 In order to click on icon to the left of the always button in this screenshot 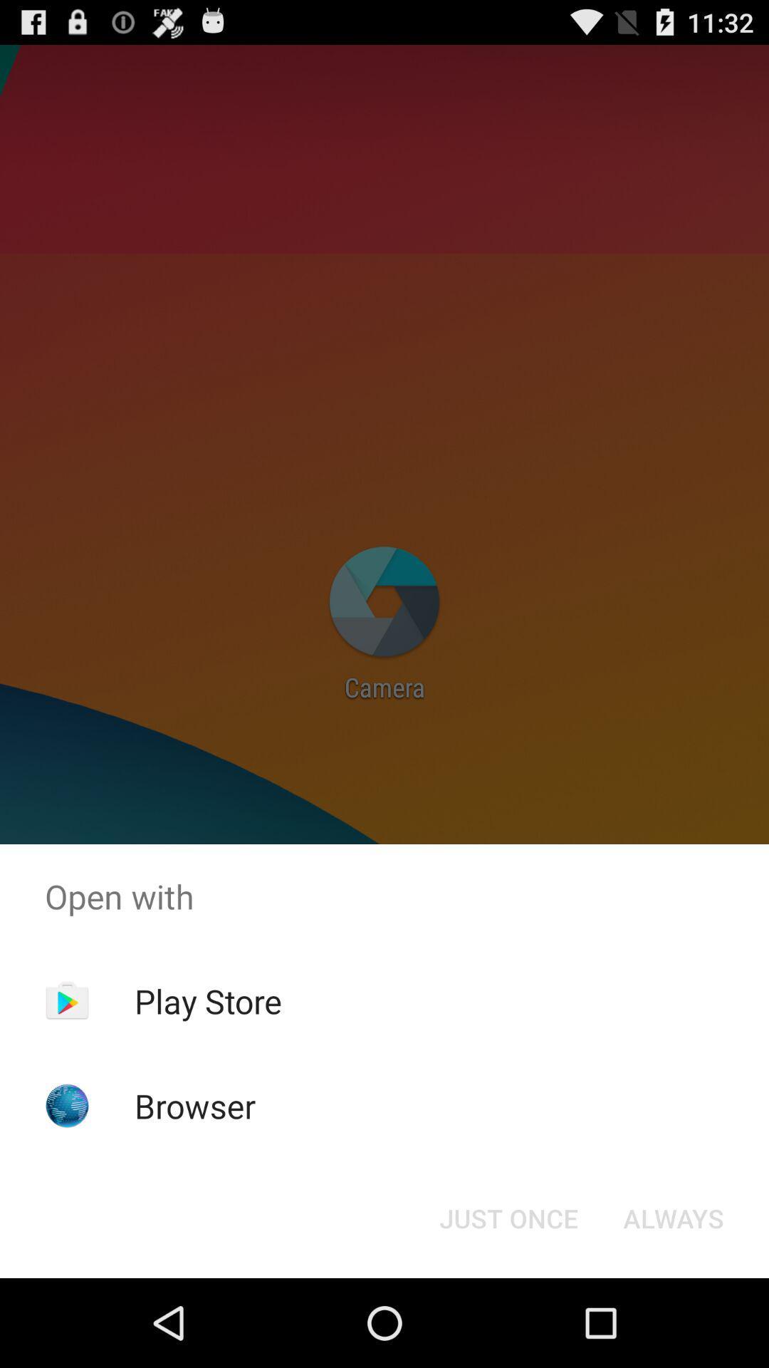, I will do `click(508, 1217)`.